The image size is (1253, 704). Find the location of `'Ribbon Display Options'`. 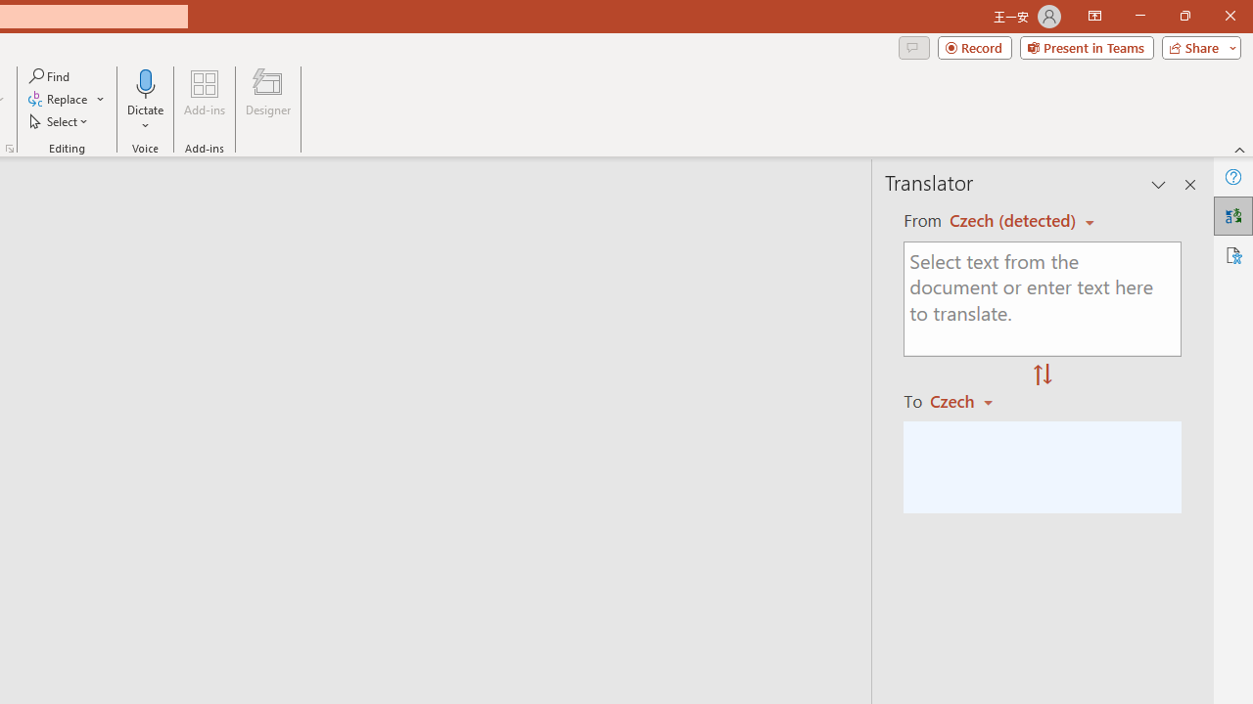

'Ribbon Display Options' is located at coordinates (1093, 16).